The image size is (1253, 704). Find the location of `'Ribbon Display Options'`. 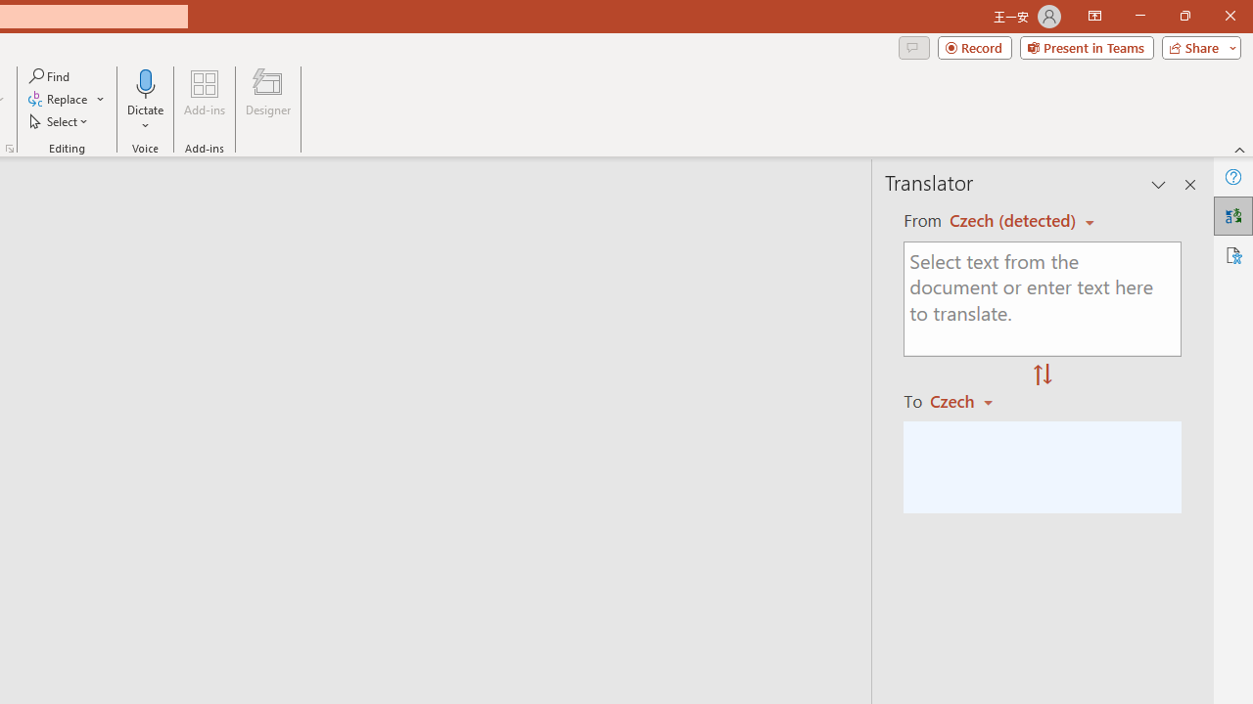

'Ribbon Display Options' is located at coordinates (1093, 16).